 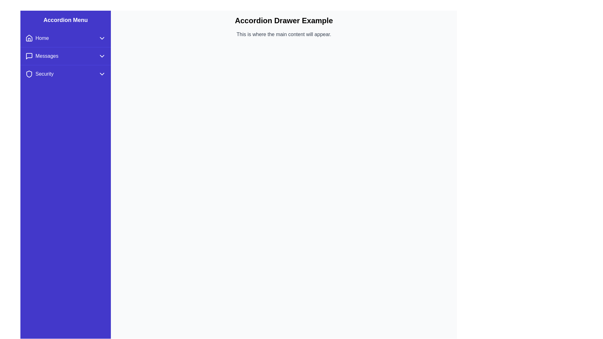 I want to click on the icon near the section header Messages, so click(x=29, y=56).